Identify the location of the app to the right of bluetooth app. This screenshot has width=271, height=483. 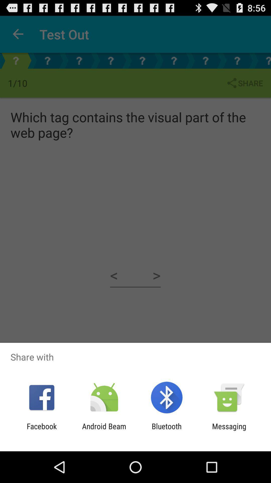
(229, 430).